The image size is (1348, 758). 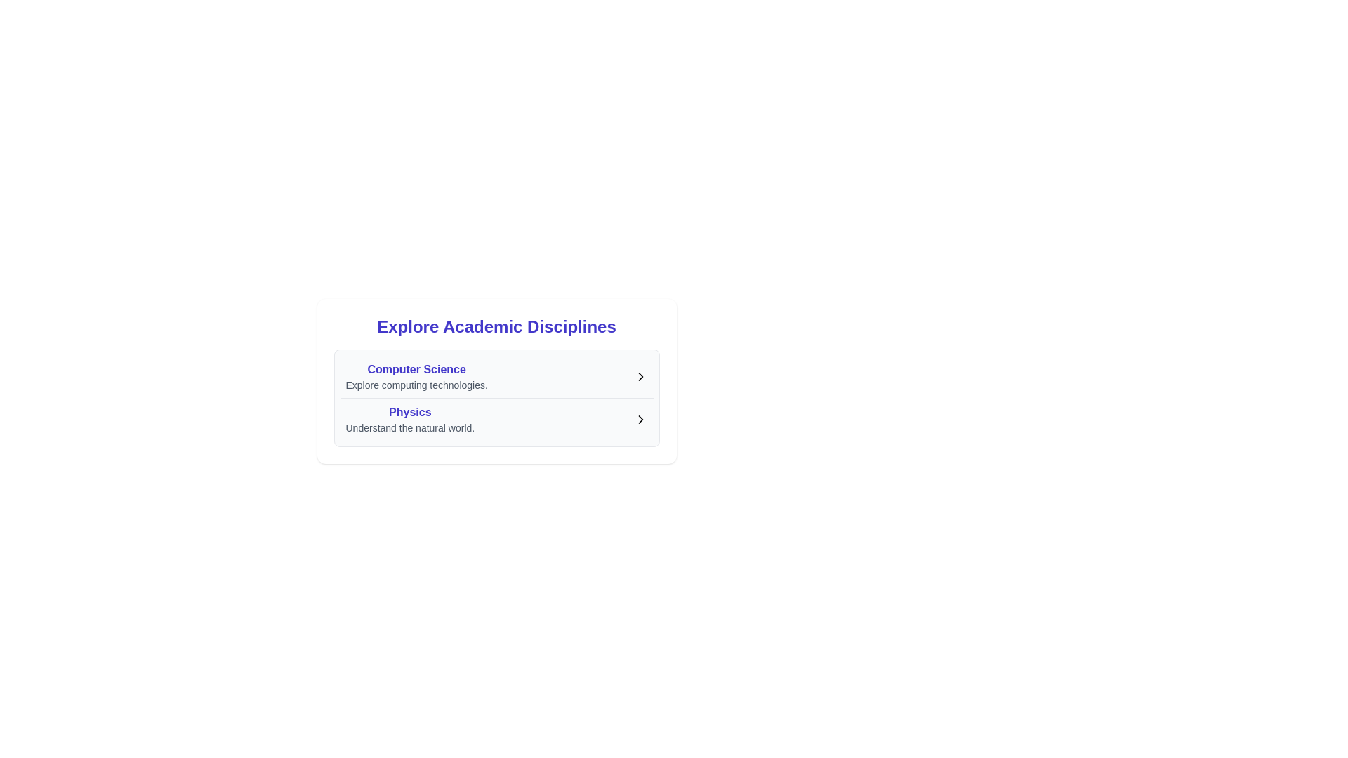 I want to click on the text label reading 'Physics' which is styled in bold indigo and located under the 'Explore Academic Disciplines' section, so click(x=409, y=411).